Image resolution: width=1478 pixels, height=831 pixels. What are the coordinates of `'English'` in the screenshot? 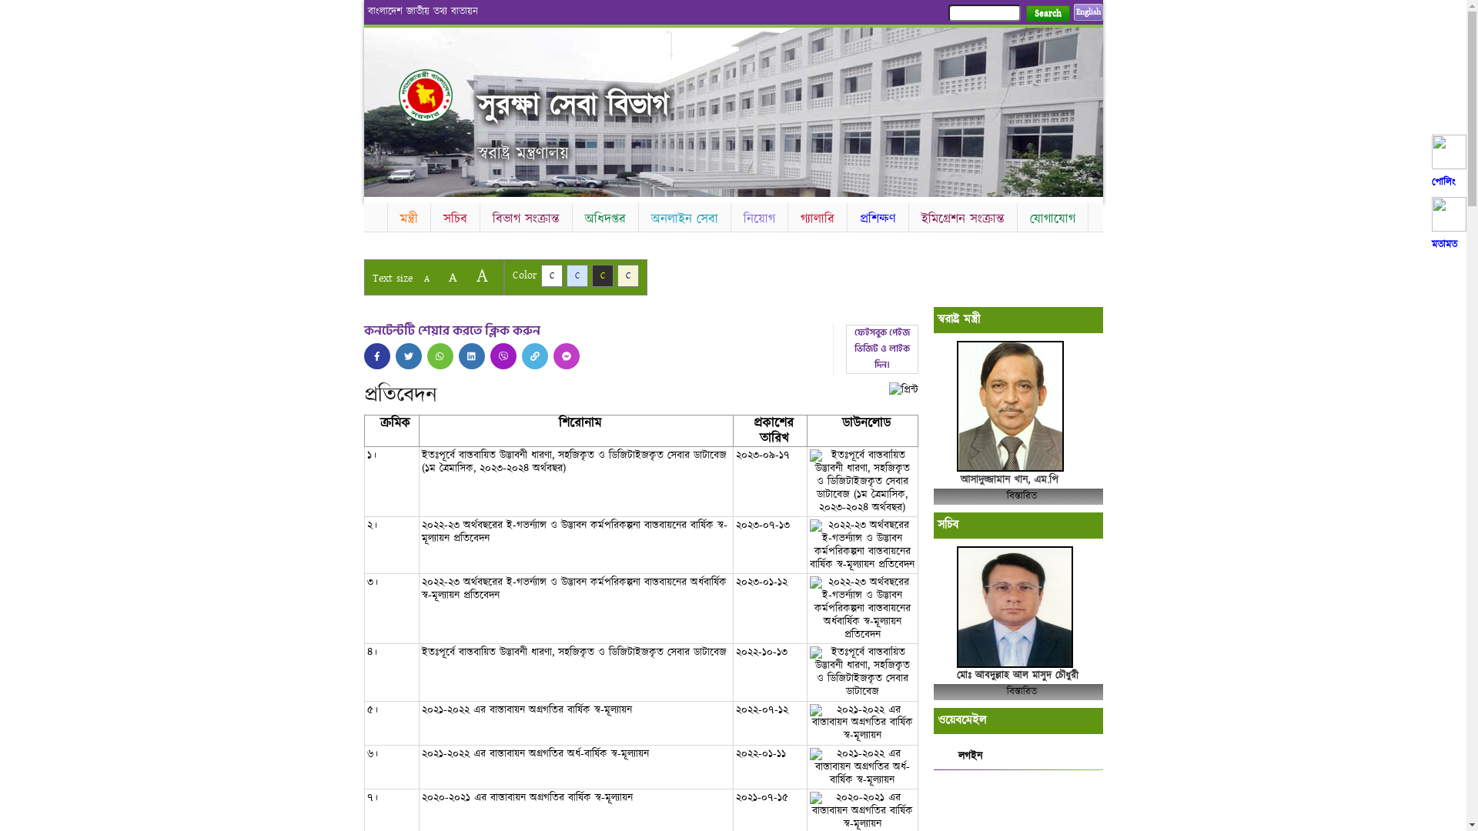 It's located at (1086, 12).